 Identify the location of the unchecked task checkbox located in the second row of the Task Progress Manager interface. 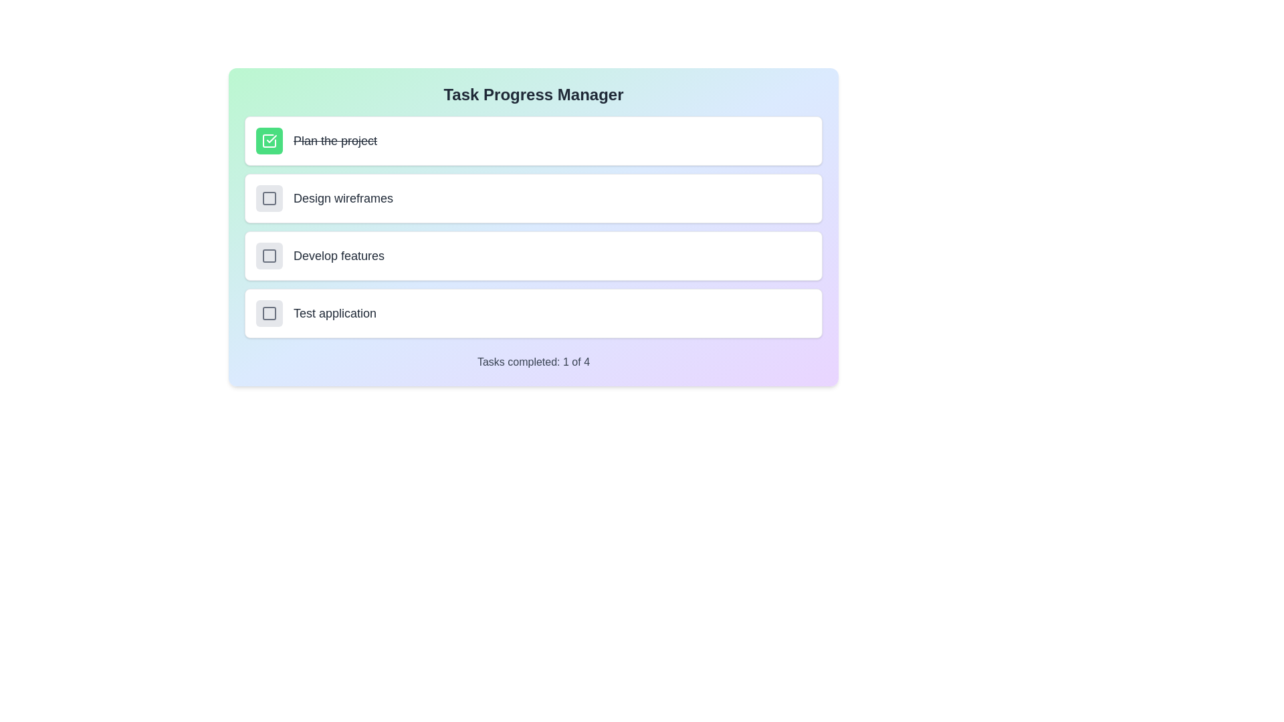
(269, 199).